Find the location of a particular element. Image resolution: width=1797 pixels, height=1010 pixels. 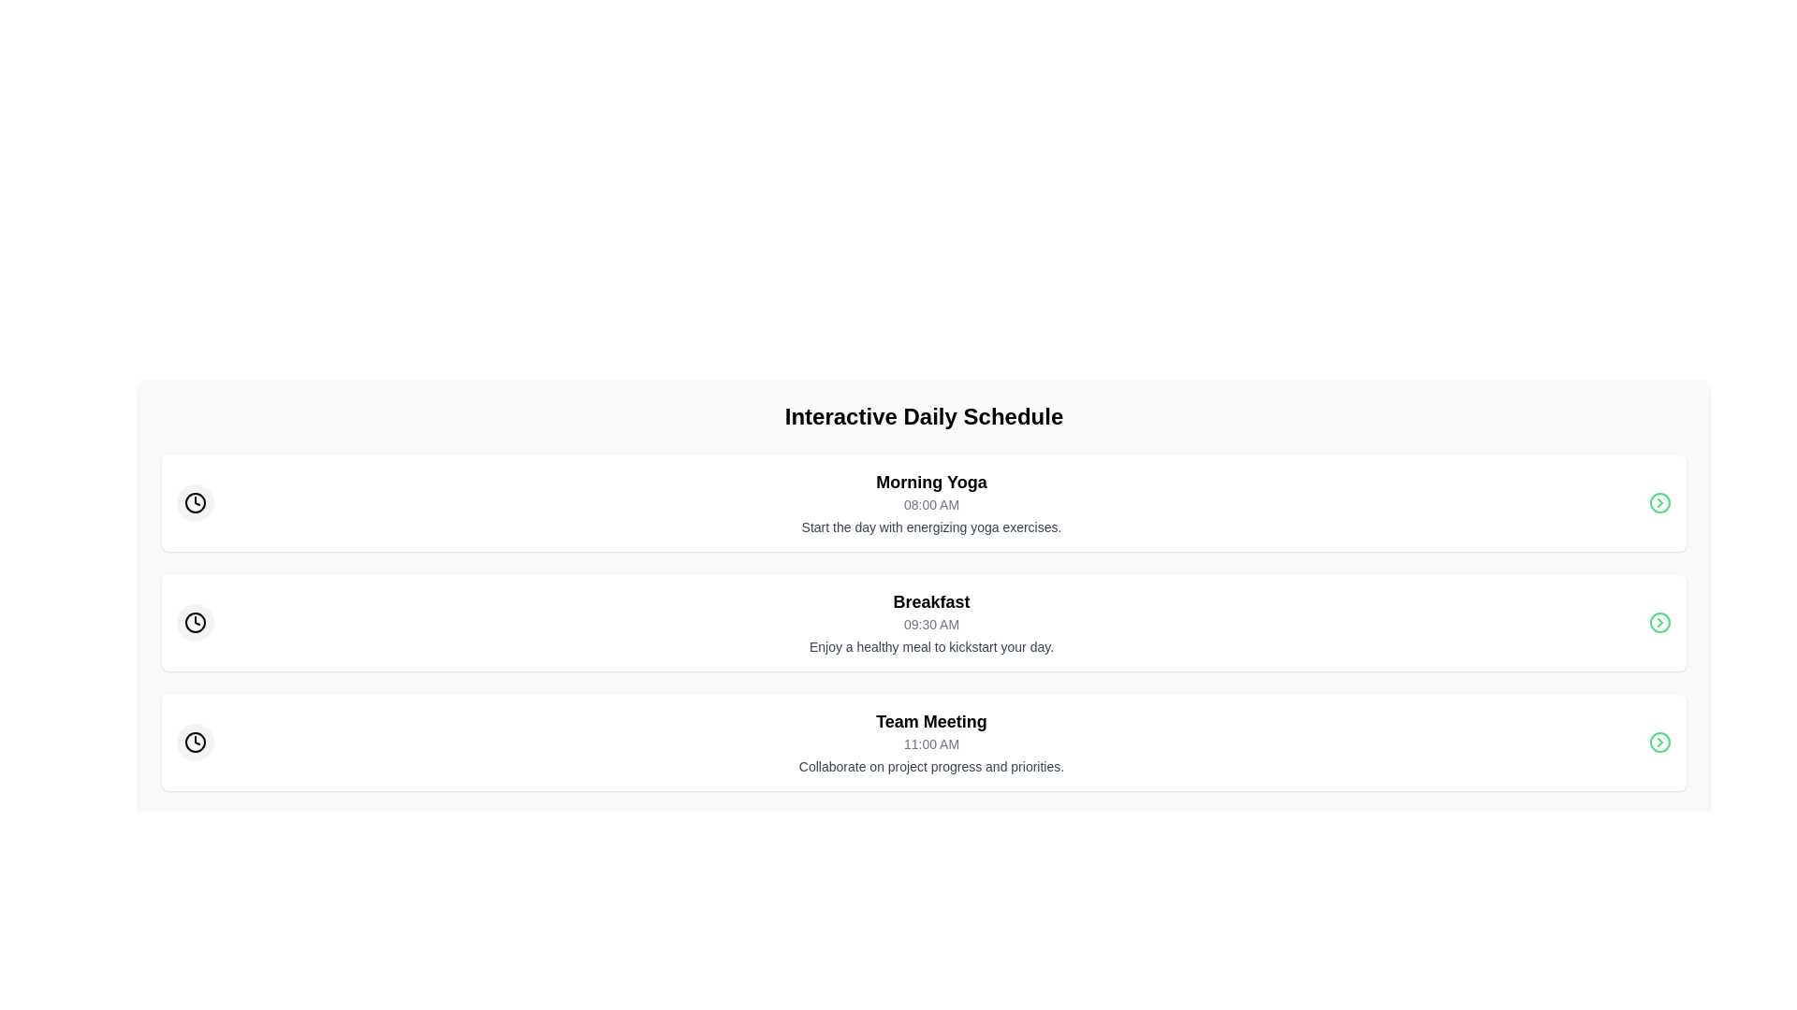

the title Text label of the scheduled activity, which is positioned above the subtitle '08:00 AM' and description text 'Start the day with energizing yoga exercises.' is located at coordinates (931, 482).